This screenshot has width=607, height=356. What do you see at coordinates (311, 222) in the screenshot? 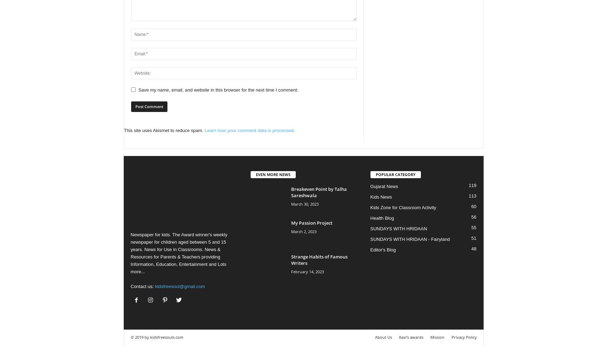
I see `'My Passion Project'` at bounding box center [311, 222].